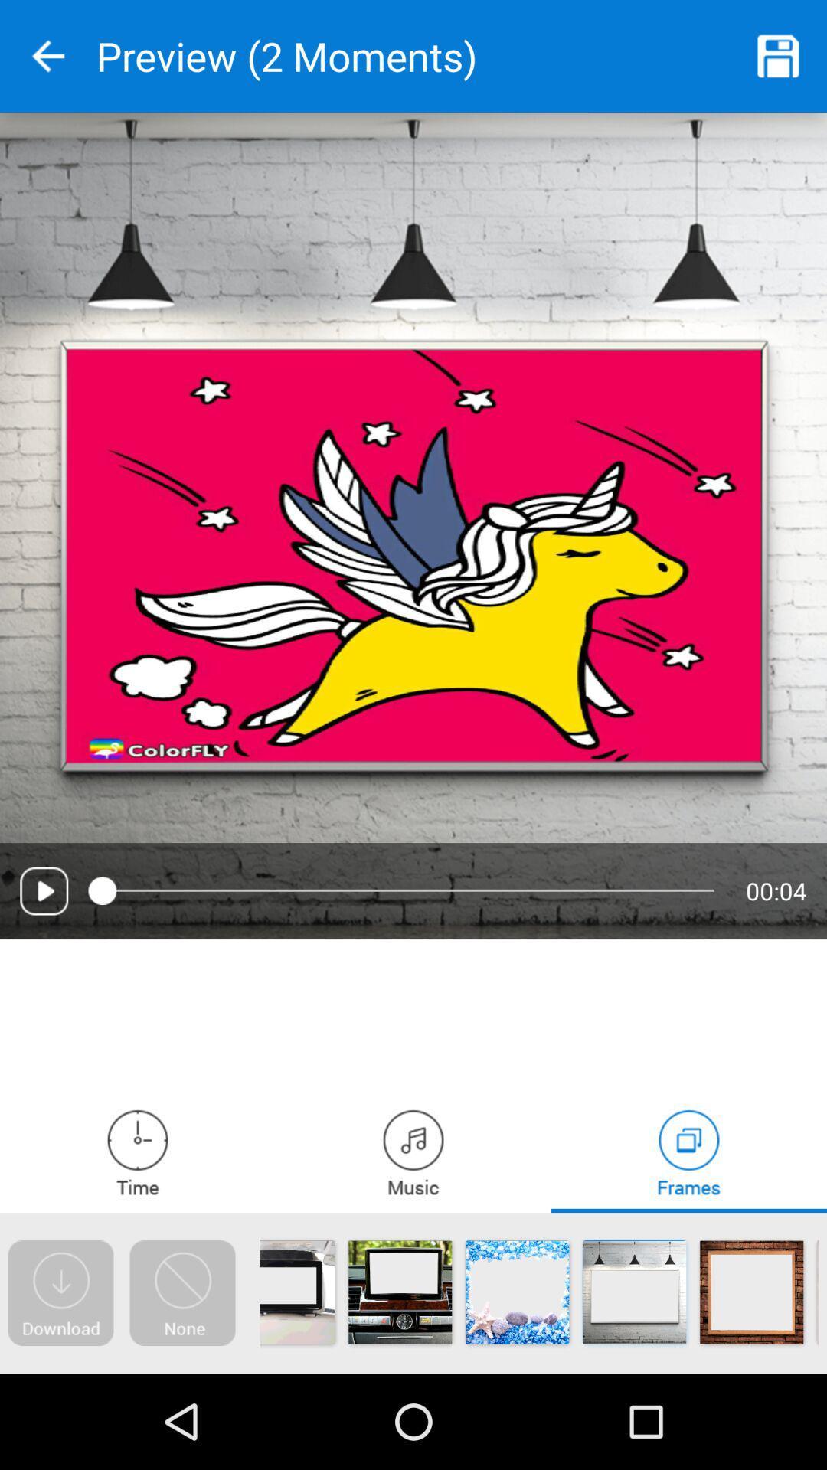  I want to click on the microphone icon, so click(138, 1152).